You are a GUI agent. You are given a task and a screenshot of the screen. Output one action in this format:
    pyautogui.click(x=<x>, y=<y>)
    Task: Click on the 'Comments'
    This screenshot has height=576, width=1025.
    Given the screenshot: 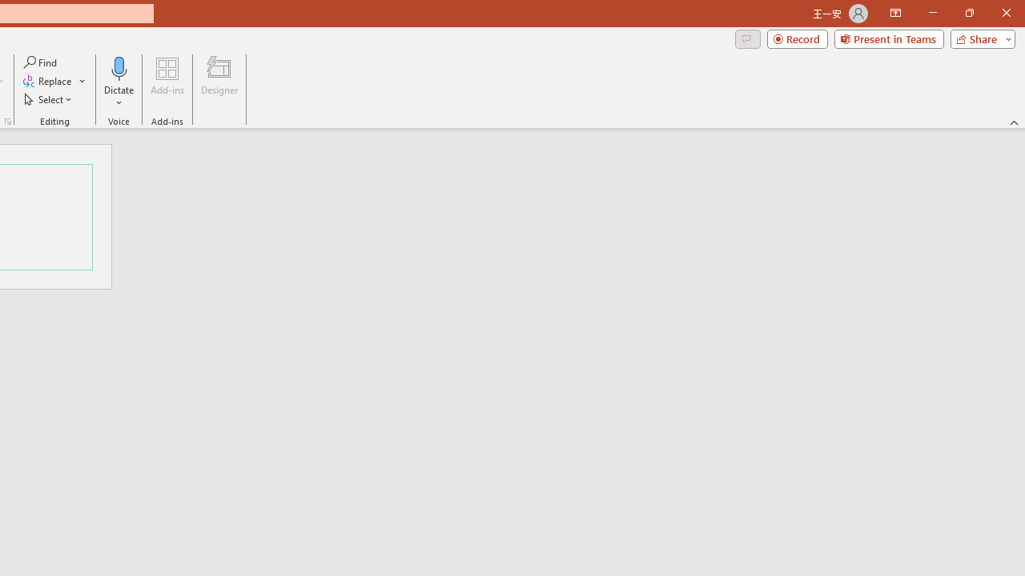 What is the action you would take?
    pyautogui.click(x=746, y=38)
    